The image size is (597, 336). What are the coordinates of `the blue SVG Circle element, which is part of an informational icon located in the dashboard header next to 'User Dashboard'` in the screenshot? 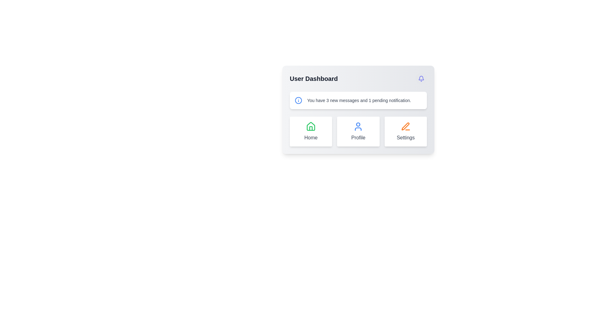 It's located at (298, 100).